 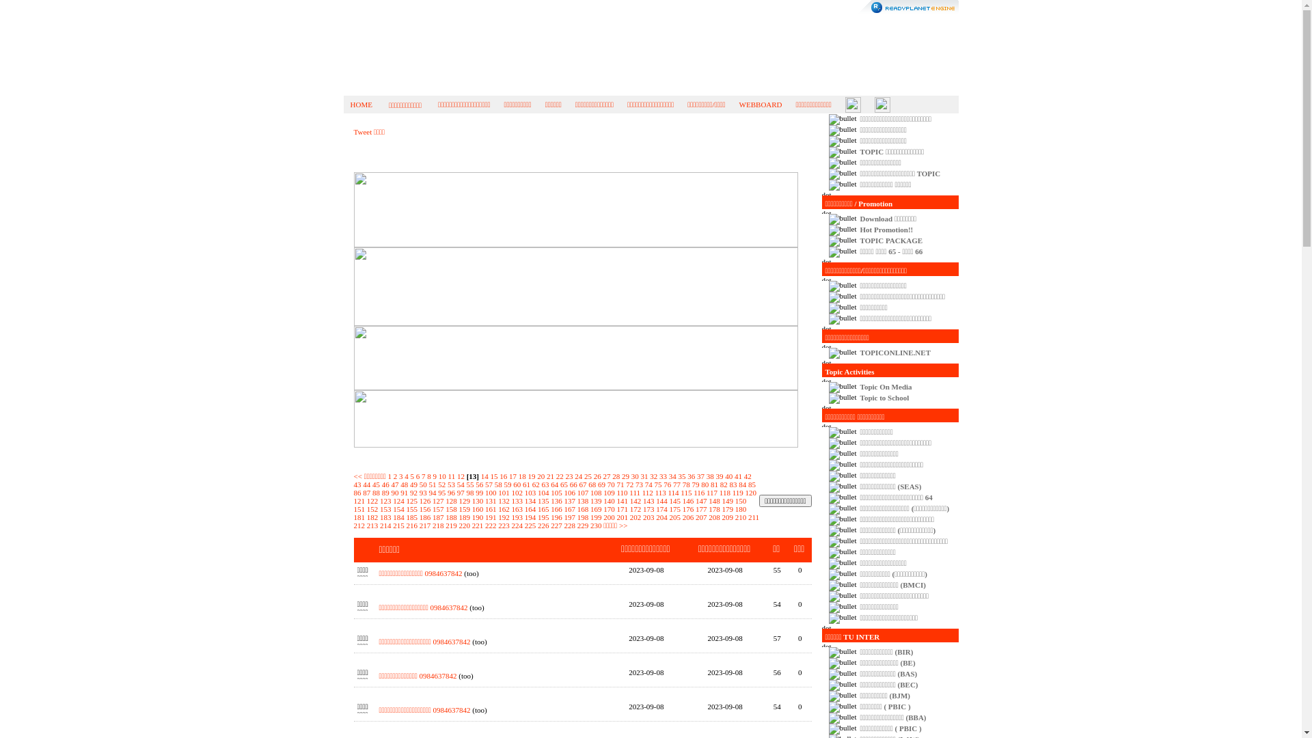 What do you see at coordinates (451, 508) in the screenshot?
I see `'158'` at bounding box center [451, 508].